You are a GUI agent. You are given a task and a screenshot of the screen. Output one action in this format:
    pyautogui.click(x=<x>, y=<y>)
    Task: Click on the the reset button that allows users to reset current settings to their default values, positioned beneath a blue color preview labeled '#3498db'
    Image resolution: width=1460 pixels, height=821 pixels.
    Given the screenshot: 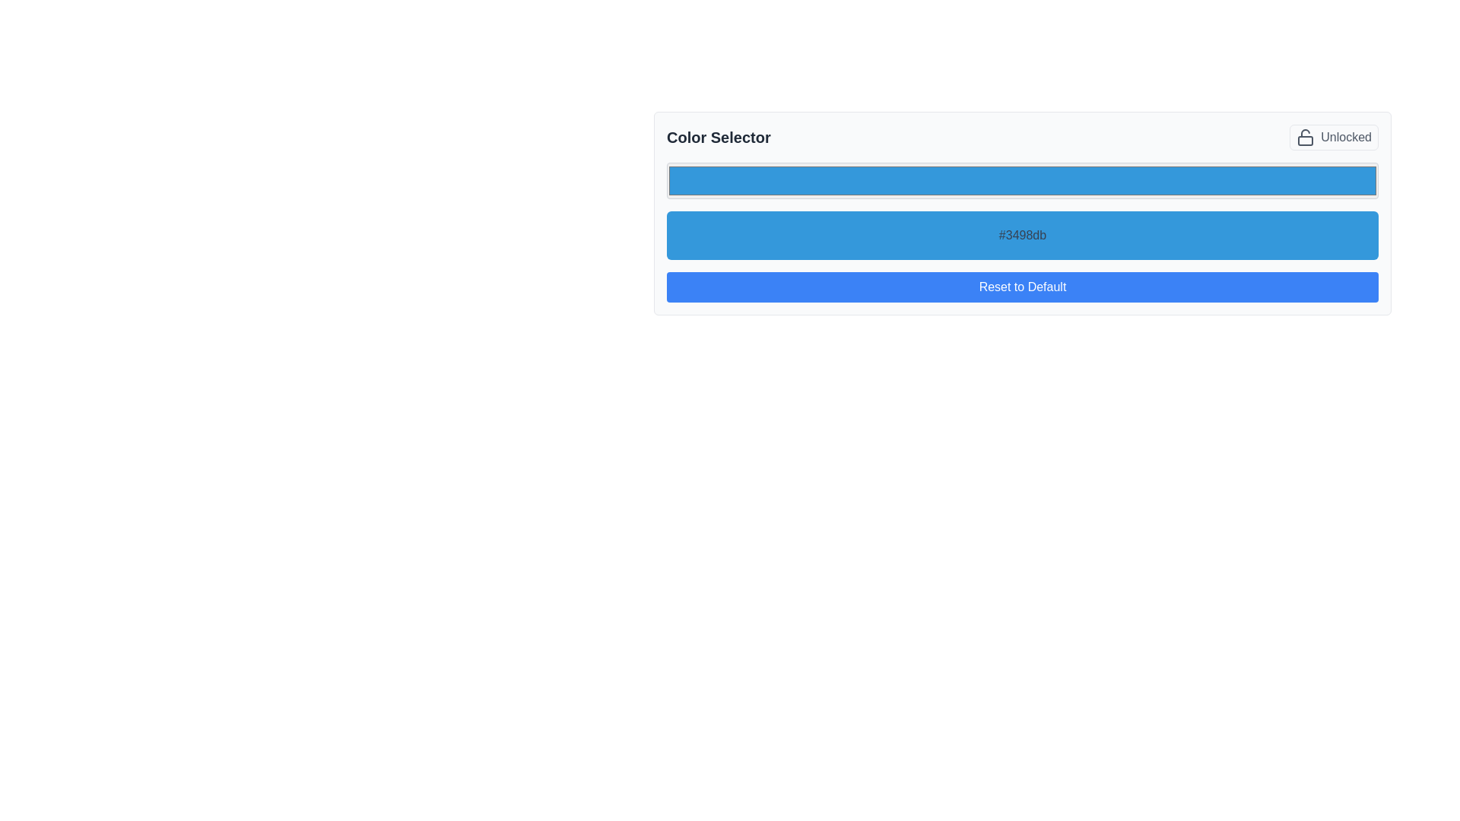 What is the action you would take?
    pyautogui.click(x=1022, y=287)
    